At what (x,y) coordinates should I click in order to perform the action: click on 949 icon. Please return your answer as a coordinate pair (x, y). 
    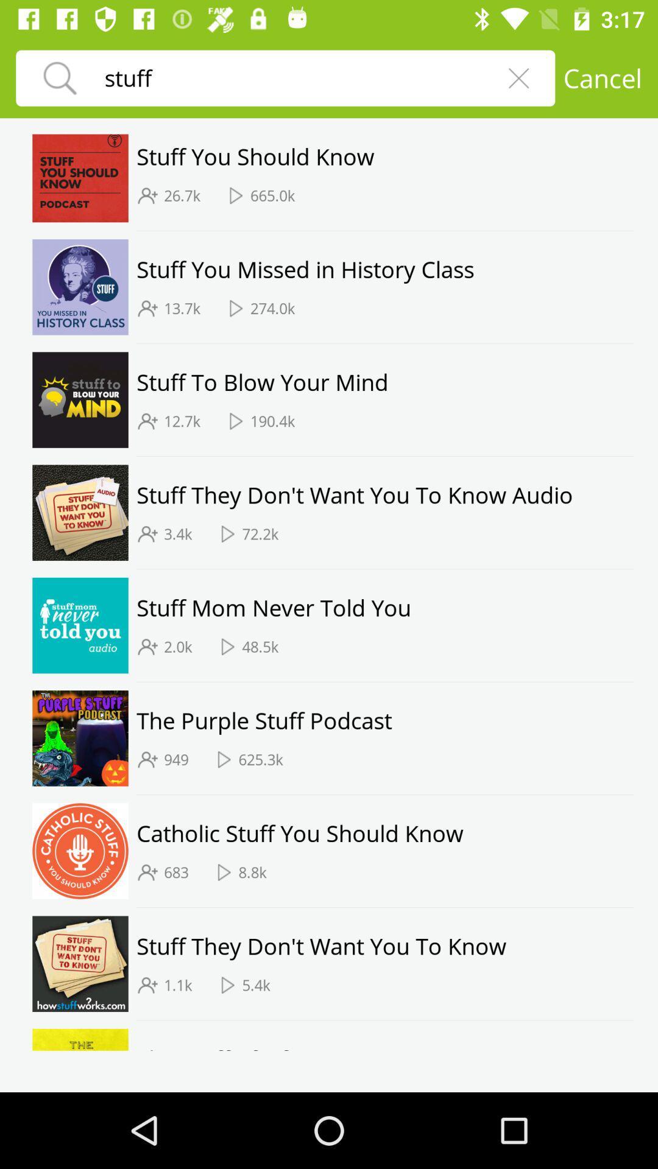
    Looking at the image, I should click on (176, 759).